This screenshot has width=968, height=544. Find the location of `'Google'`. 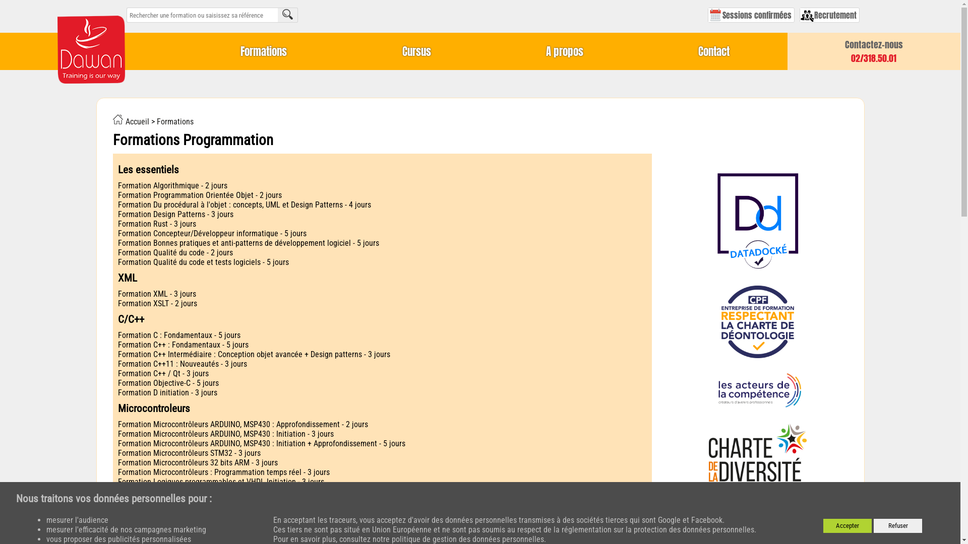

'Google' is located at coordinates (669, 520).